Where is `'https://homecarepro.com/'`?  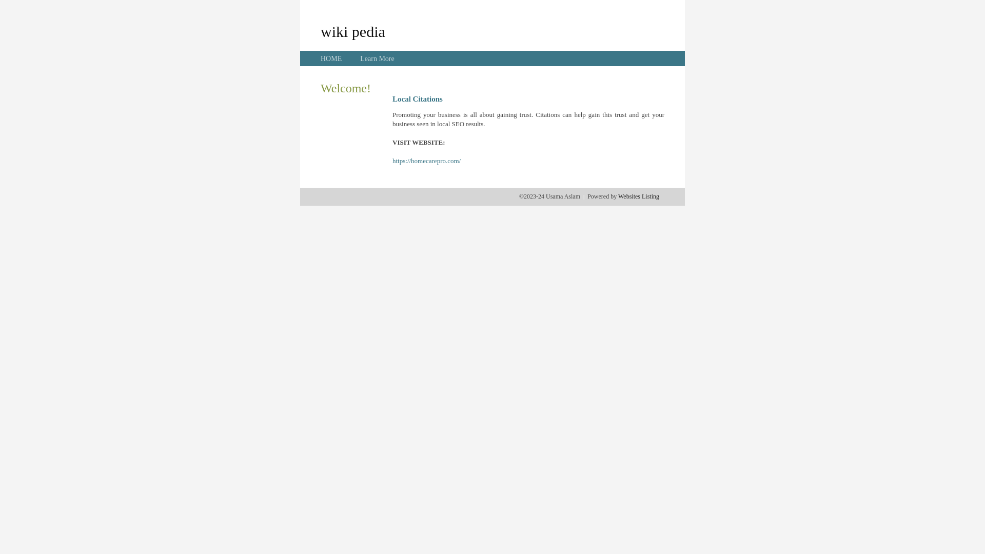 'https://homecarepro.com/' is located at coordinates (426, 161).